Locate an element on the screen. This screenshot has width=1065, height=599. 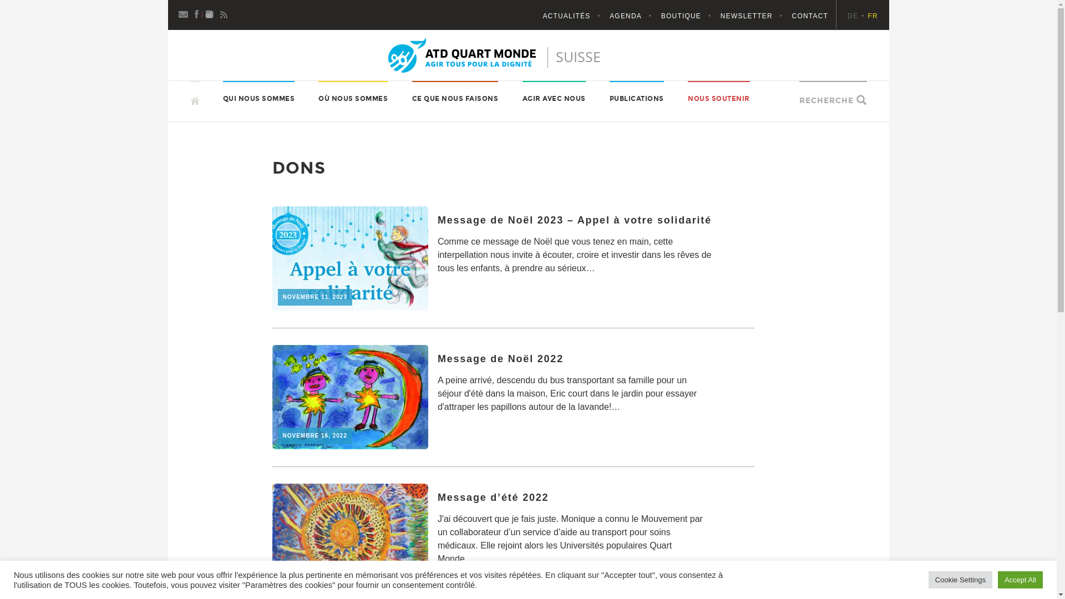
'Facebook' is located at coordinates (197, 13).